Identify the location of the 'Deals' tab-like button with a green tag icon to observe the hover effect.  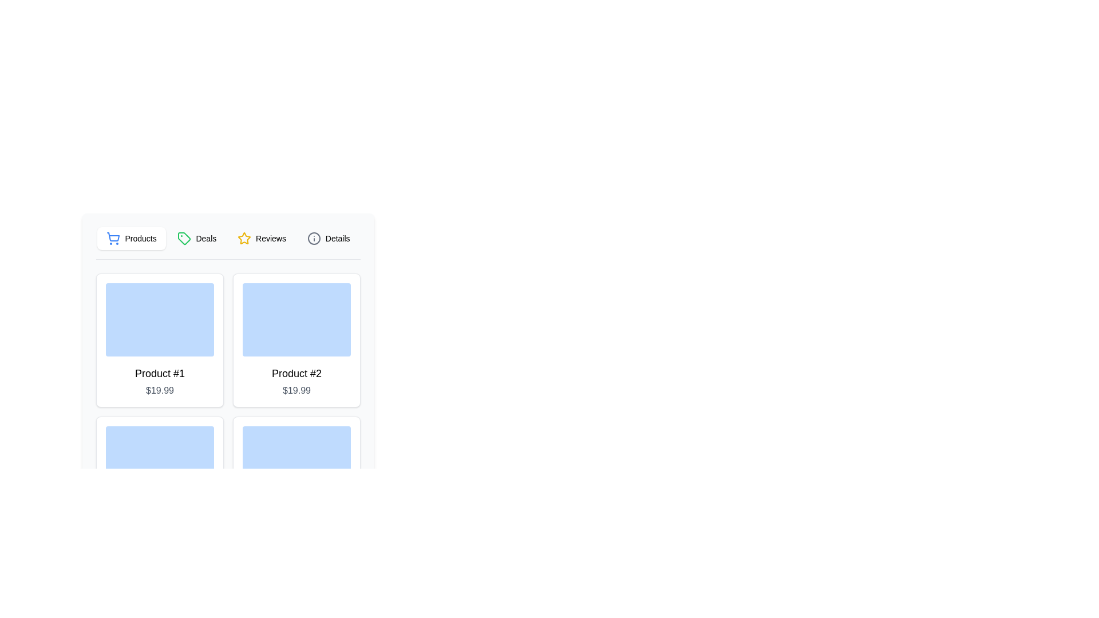
(197, 237).